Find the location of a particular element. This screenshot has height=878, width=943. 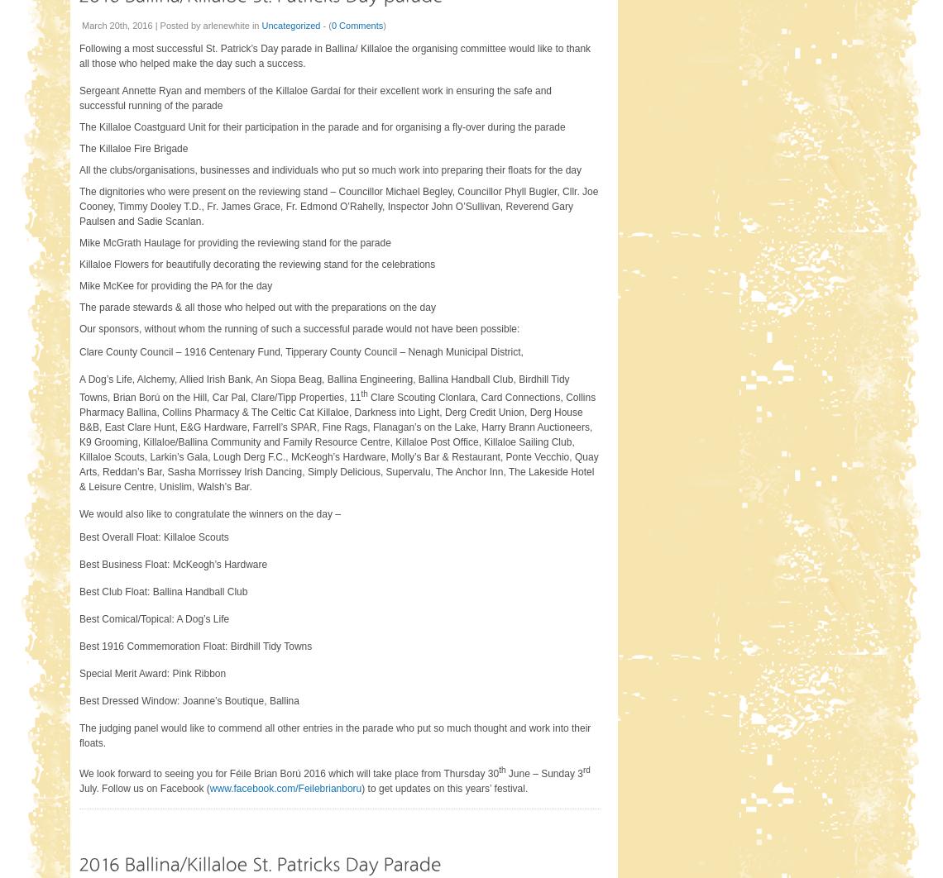

'Best Business Float: McKeogh’s Hardware' is located at coordinates (173, 564).